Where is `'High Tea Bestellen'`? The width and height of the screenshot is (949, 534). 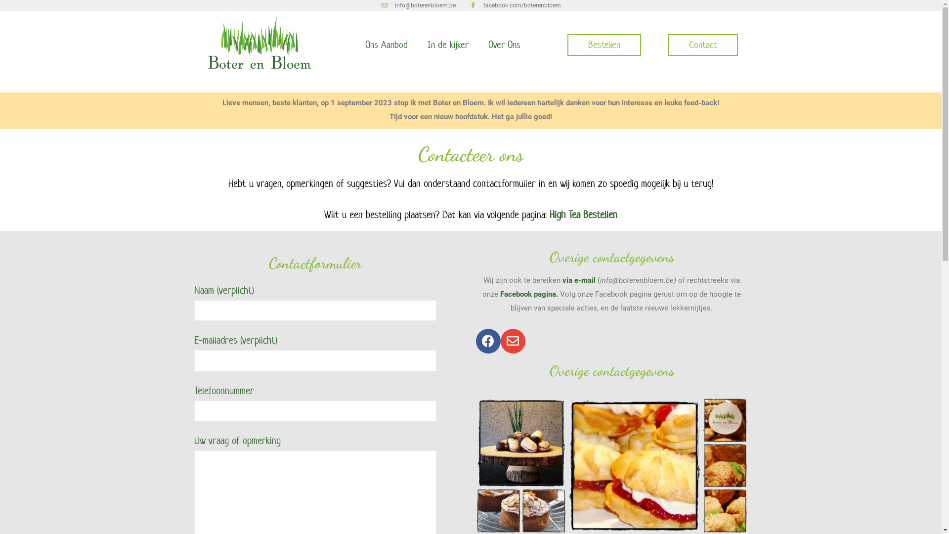
'High Tea Bestellen' is located at coordinates (549, 214).